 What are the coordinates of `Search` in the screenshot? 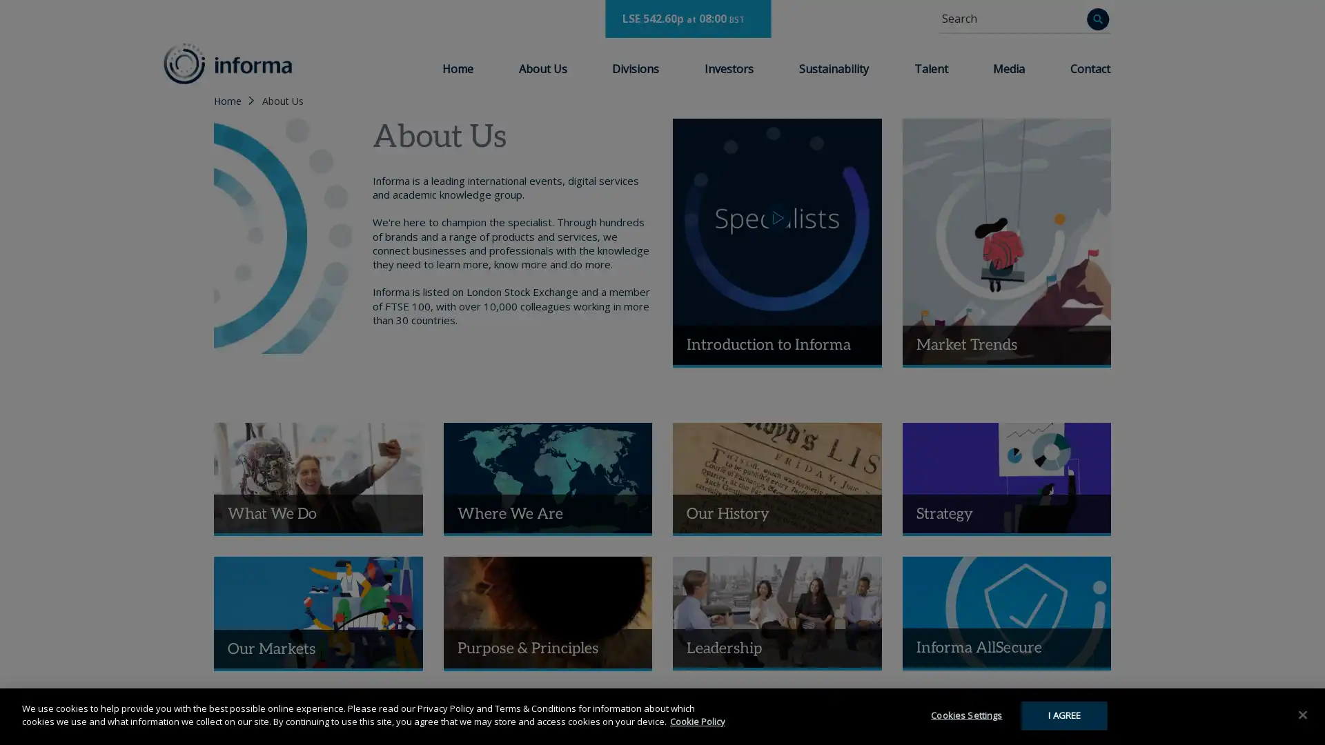 It's located at (1097, 19).